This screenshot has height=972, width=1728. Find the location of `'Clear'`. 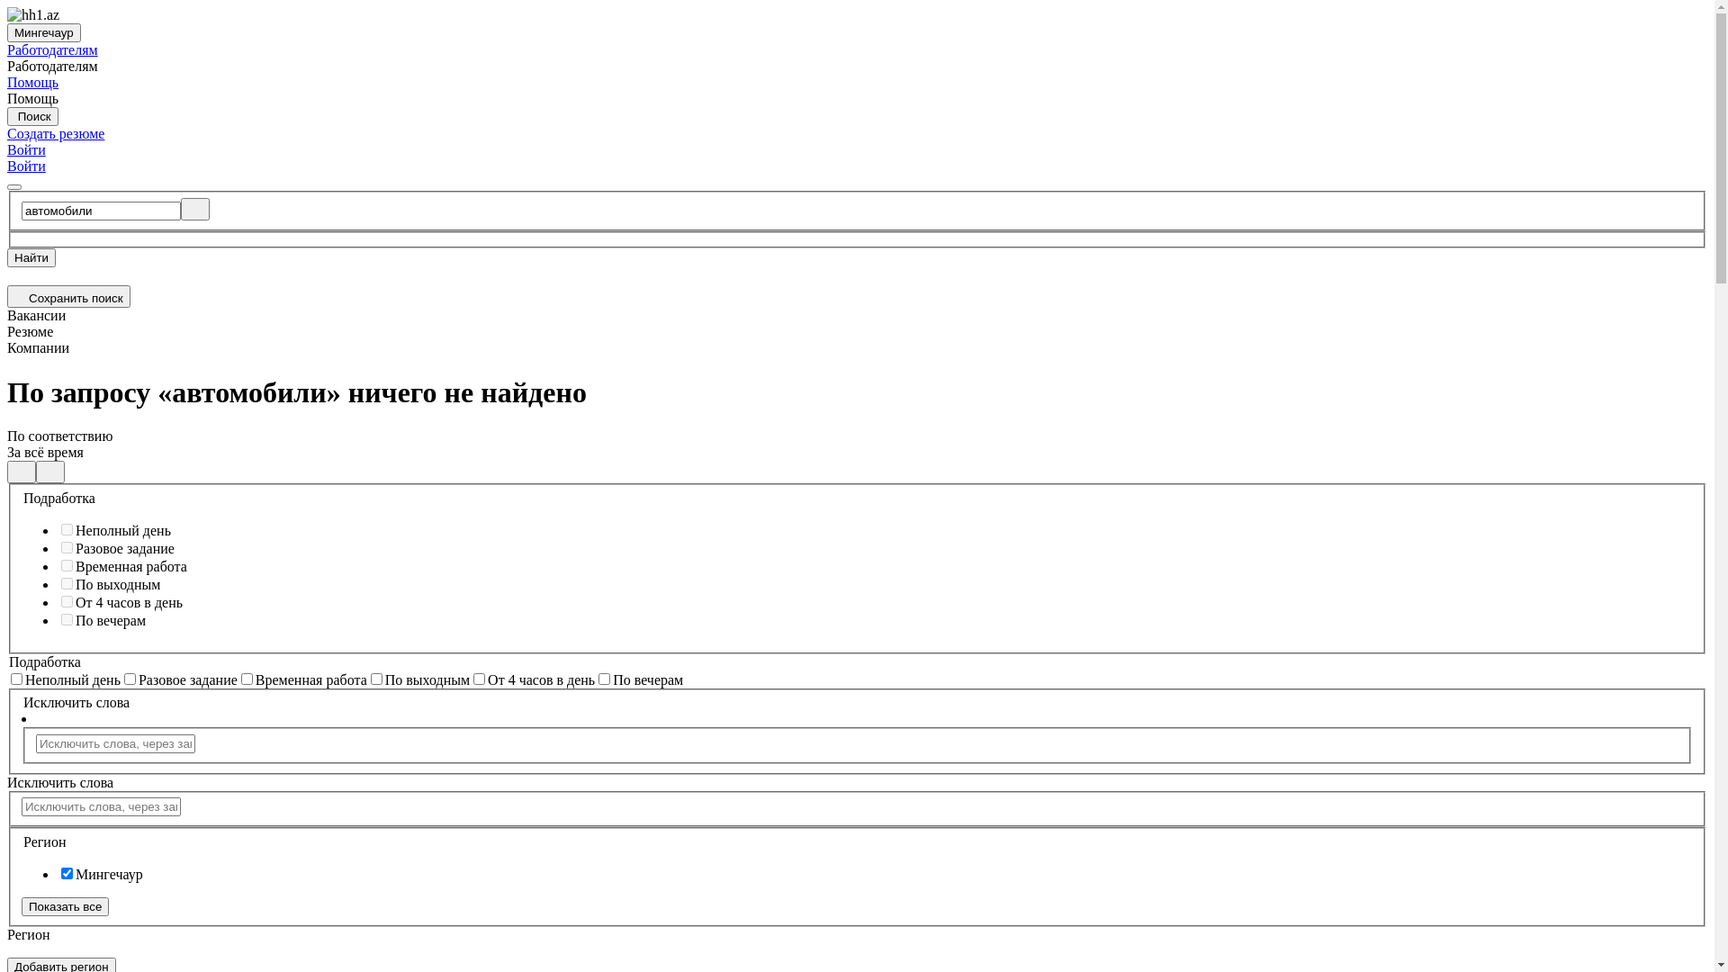

'Clear' is located at coordinates (194, 208).